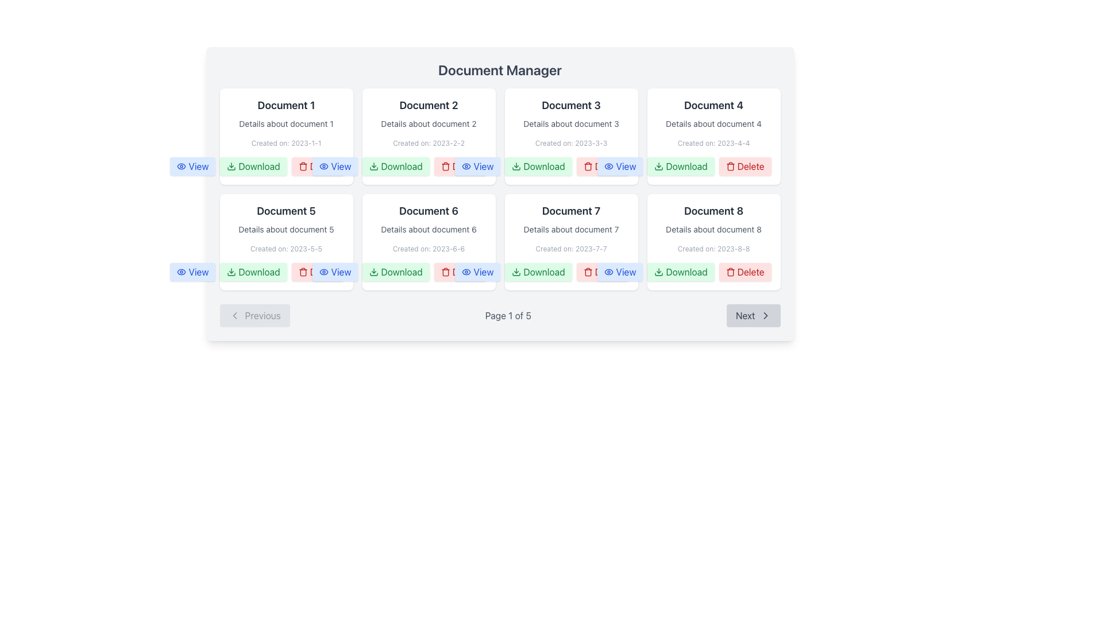 The width and height of the screenshot is (1103, 620). What do you see at coordinates (286, 228) in the screenshot?
I see `the Text block displaying information about 'Document 5', which includes its title, description, and creation date, located in the second row, first column of the 'Document Manager' interface` at bounding box center [286, 228].